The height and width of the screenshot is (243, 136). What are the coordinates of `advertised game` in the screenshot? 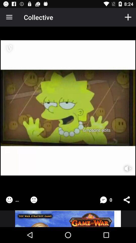 It's located at (68, 218).